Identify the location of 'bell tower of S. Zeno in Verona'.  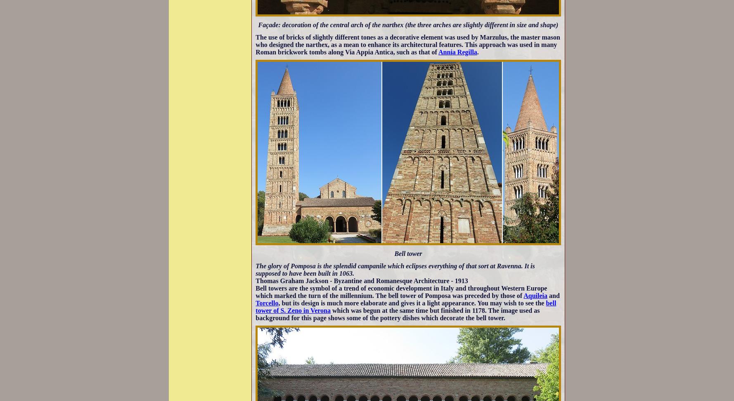
(255, 306).